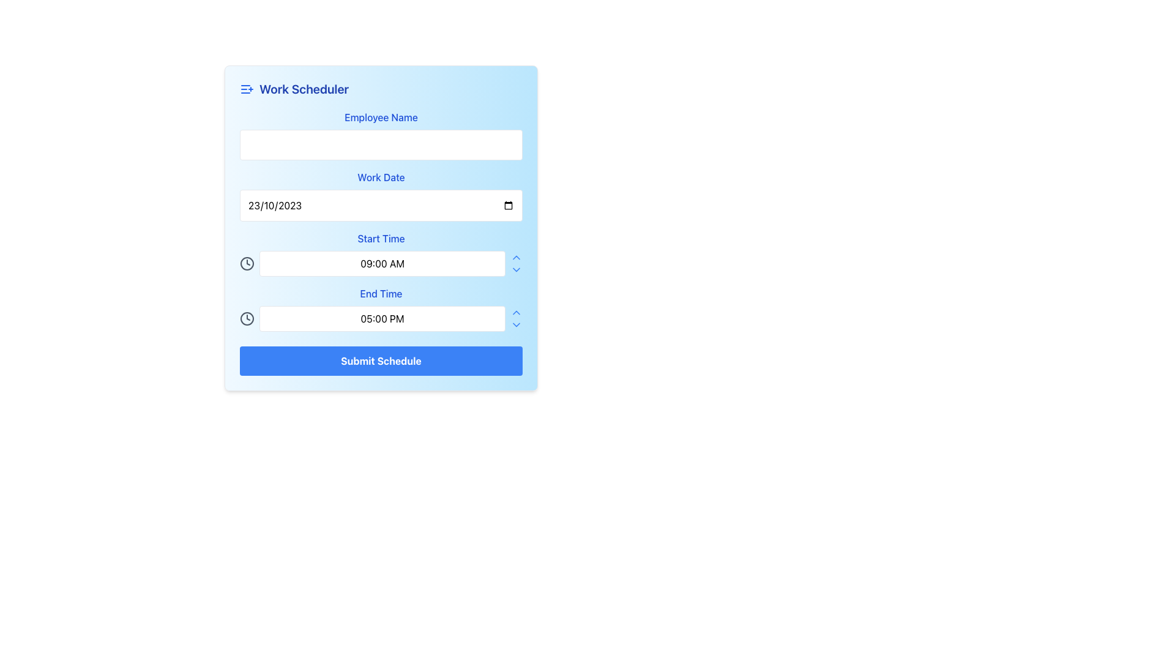 This screenshot has width=1175, height=661. What do you see at coordinates (381, 238) in the screenshot?
I see `the 'Start Time' label, which is styled with a blue-colored font and is located above the time input field for '09:00 AM'` at bounding box center [381, 238].